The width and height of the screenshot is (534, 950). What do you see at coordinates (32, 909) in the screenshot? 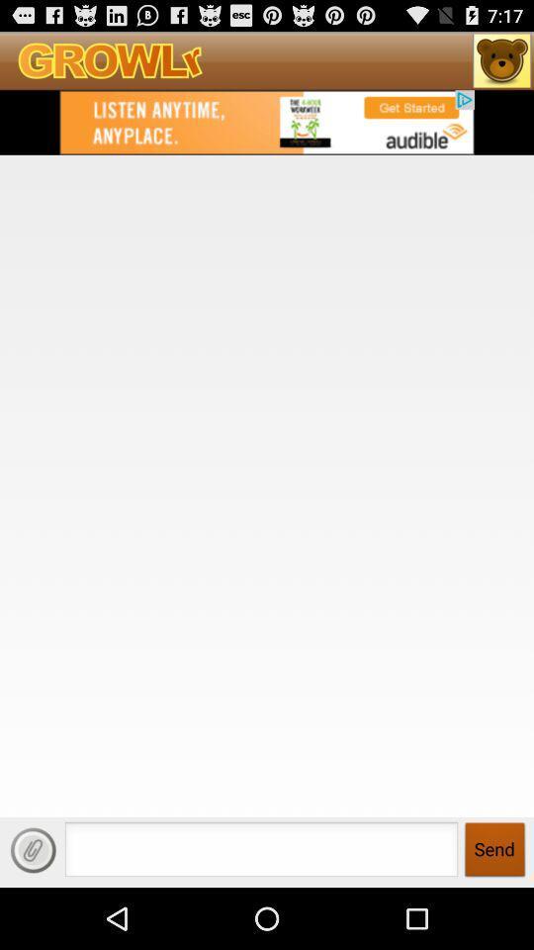
I see `the attach_file icon` at bounding box center [32, 909].